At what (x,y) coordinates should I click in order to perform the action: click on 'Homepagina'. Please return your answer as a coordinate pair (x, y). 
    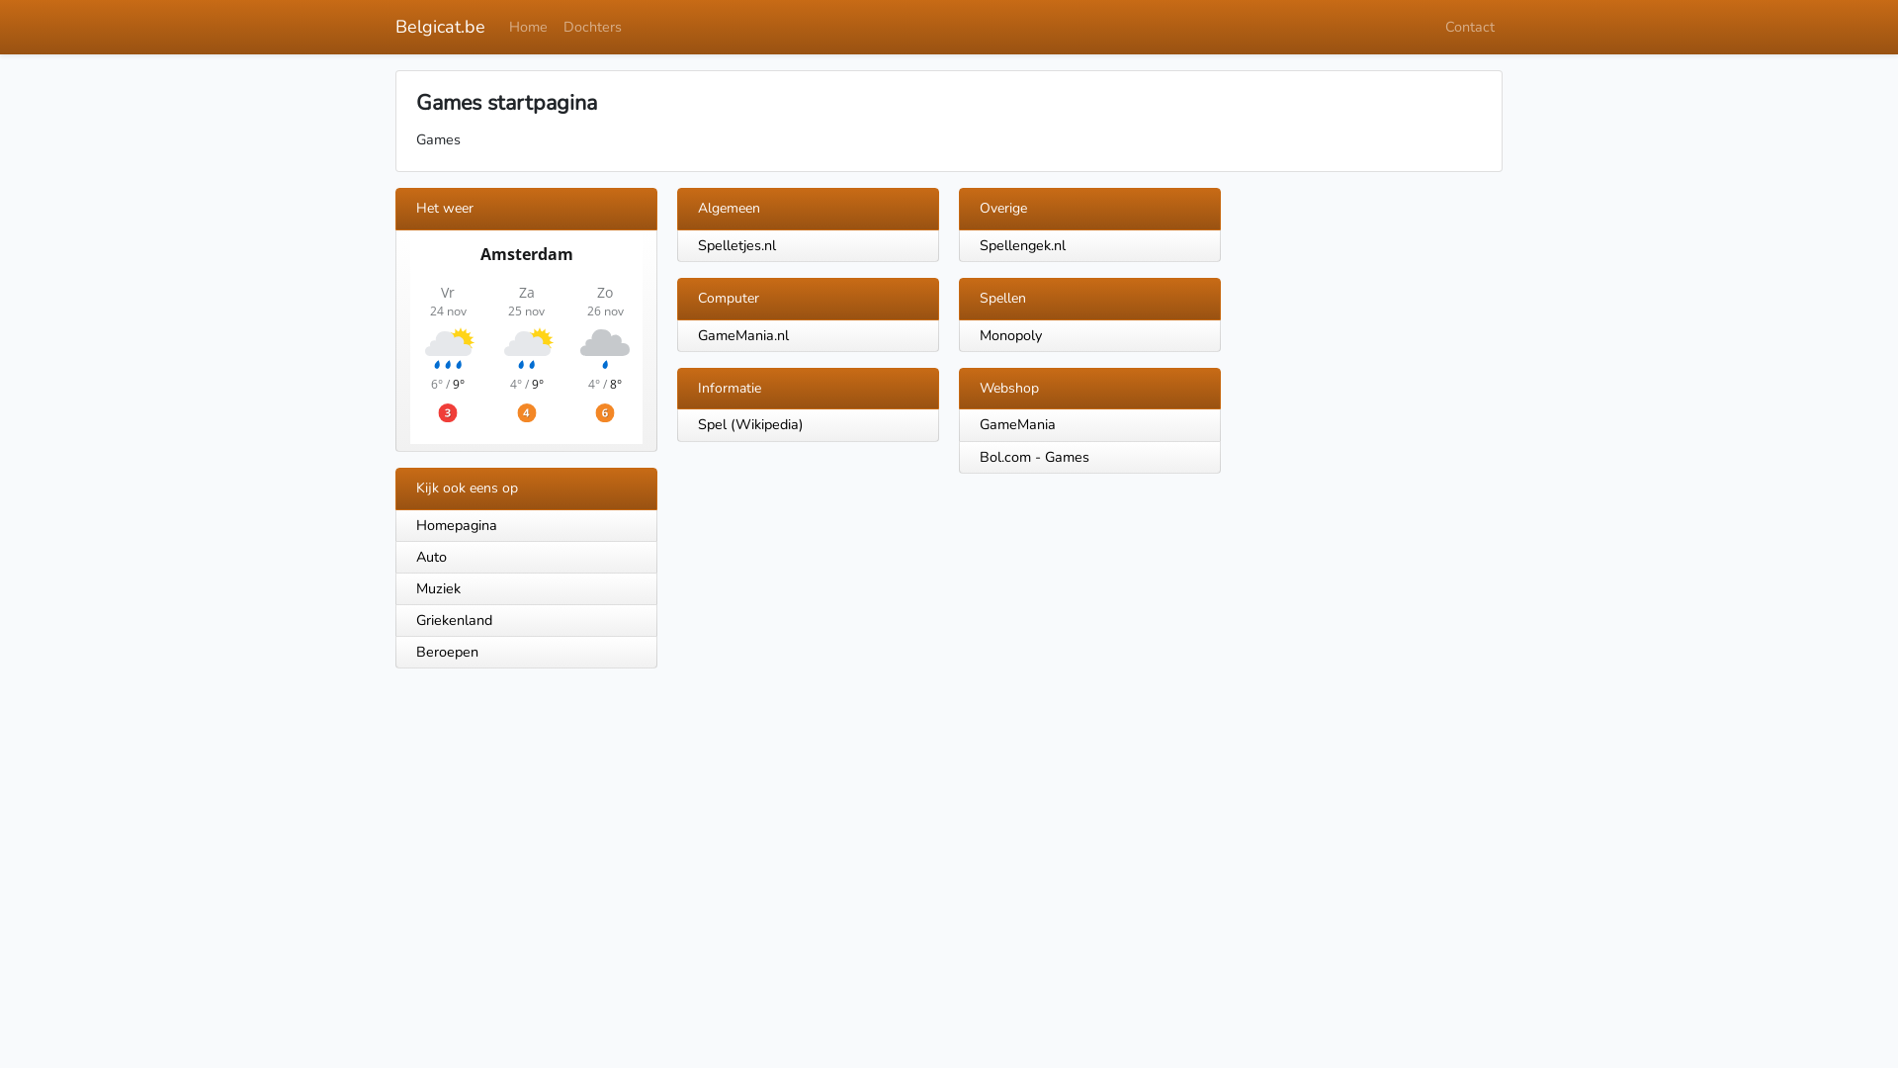
    Looking at the image, I should click on (526, 525).